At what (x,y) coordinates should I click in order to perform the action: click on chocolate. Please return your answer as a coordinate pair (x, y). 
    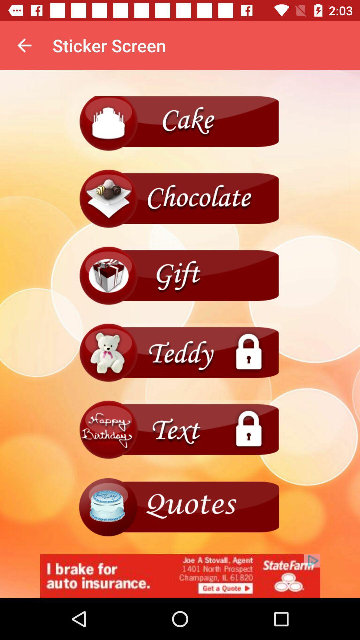
    Looking at the image, I should click on (180, 198).